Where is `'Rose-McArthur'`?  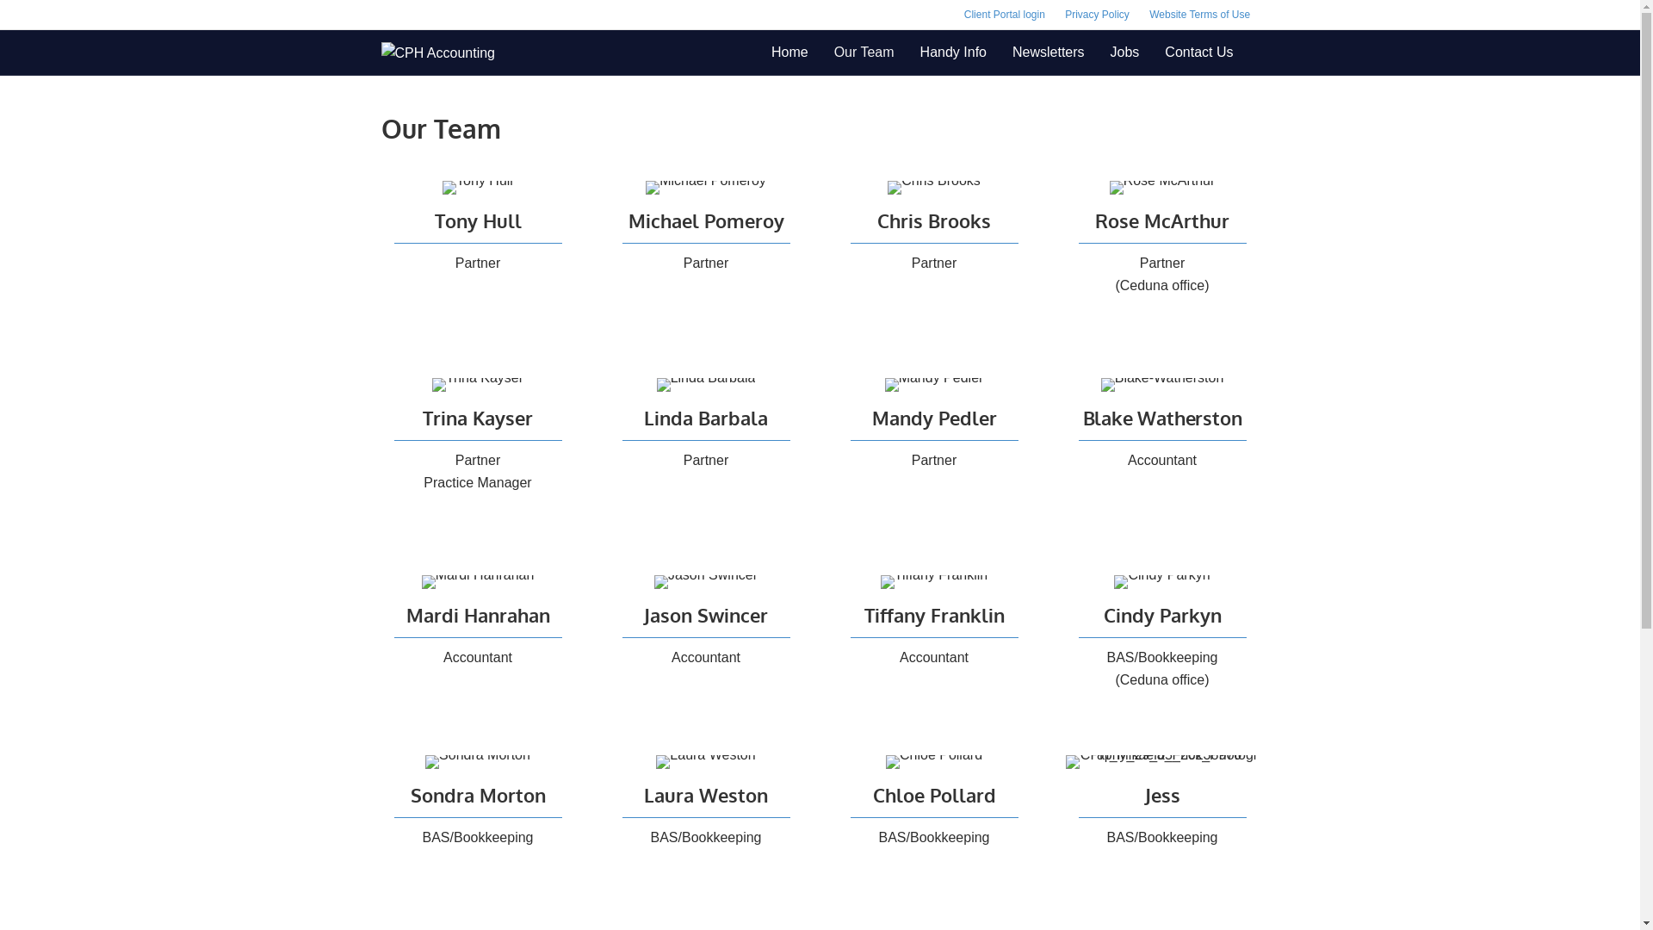
'Rose-McArthur' is located at coordinates (1162, 188).